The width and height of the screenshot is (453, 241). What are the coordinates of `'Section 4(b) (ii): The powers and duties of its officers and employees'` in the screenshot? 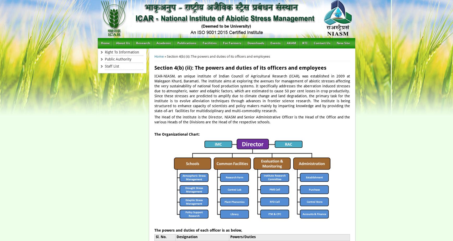 It's located at (240, 68).